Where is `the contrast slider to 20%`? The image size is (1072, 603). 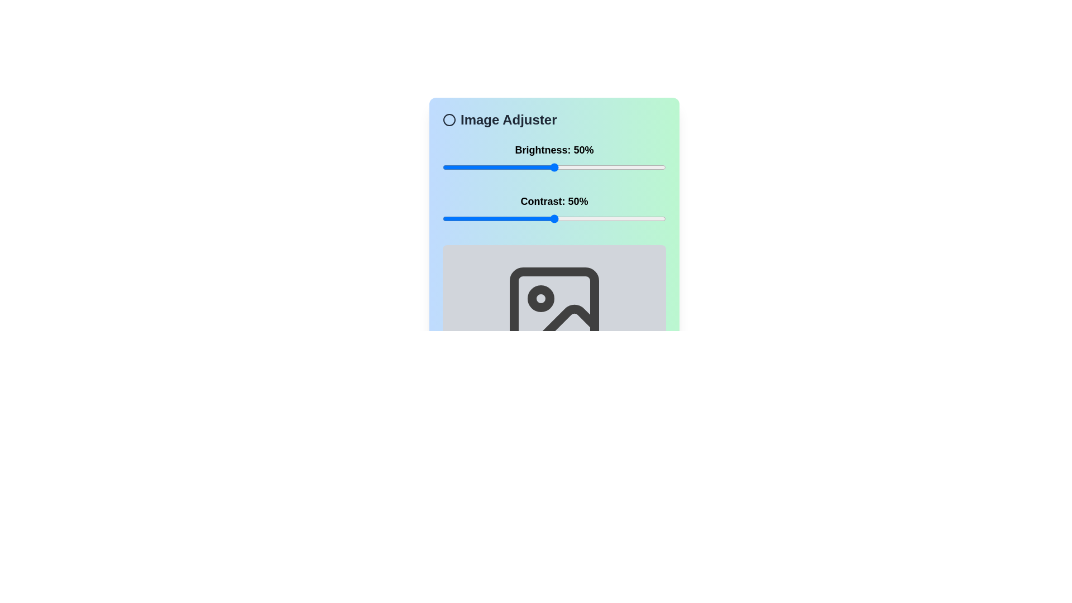 the contrast slider to 20% is located at coordinates (487, 219).